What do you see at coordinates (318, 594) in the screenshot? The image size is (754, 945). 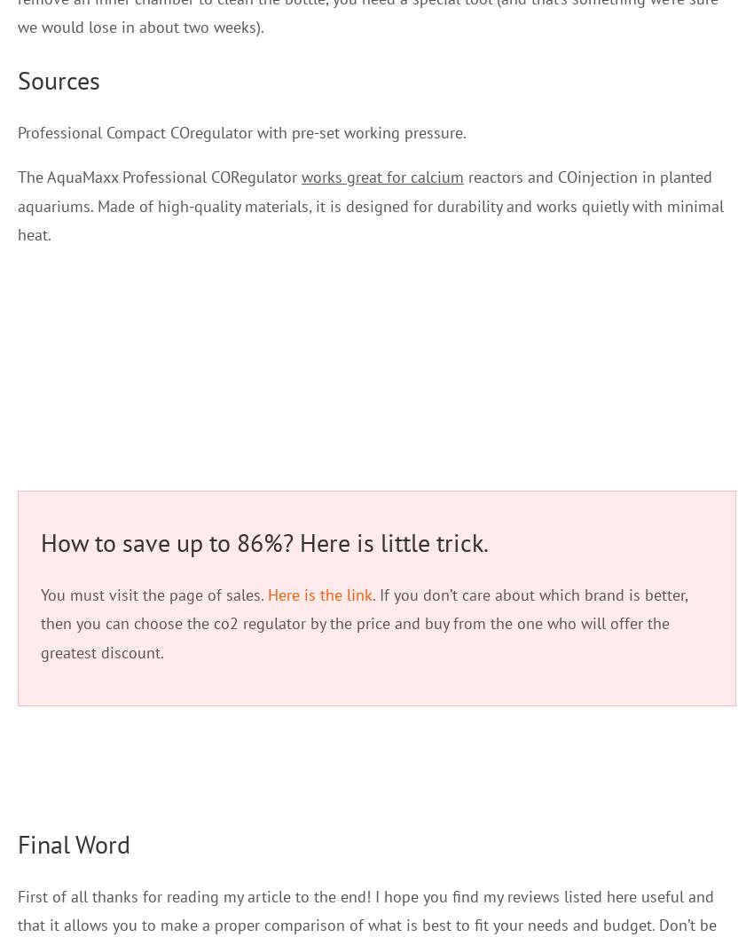 I see `'Here is the link'` at bounding box center [318, 594].